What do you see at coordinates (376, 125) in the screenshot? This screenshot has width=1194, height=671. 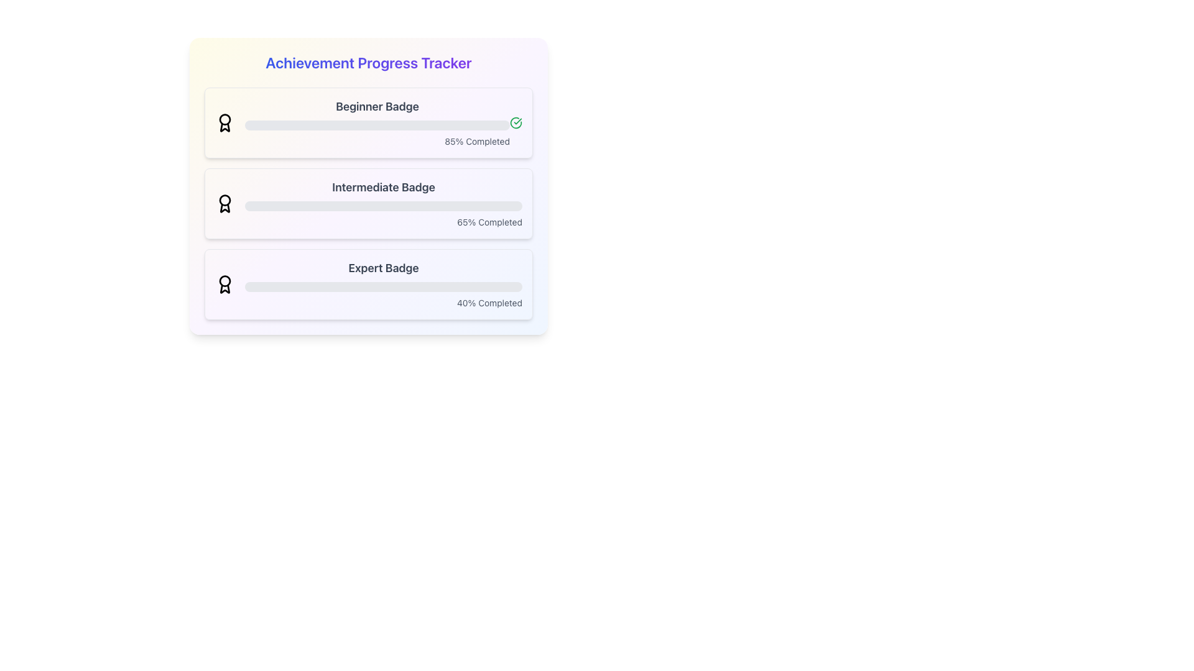 I see `progress bar indicating 85% completion, which is located in the Beginner Badge section above the text '85% Completed'` at bounding box center [376, 125].